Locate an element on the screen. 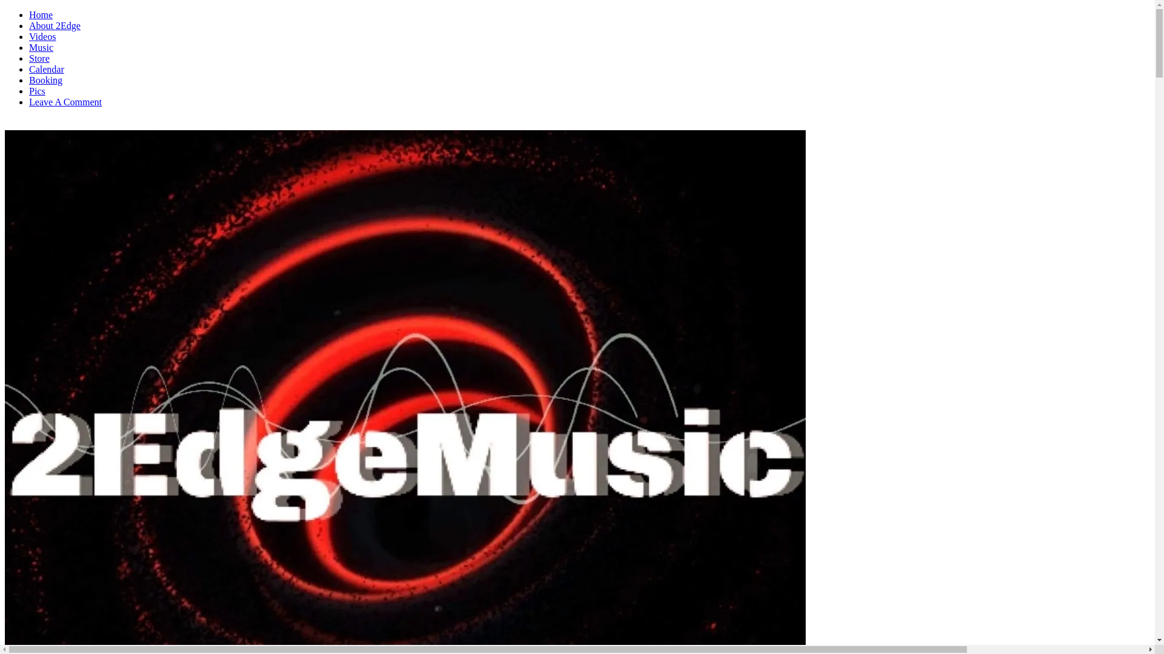 This screenshot has width=1164, height=654. 'Calendar' is located at coordinates (29, 69).